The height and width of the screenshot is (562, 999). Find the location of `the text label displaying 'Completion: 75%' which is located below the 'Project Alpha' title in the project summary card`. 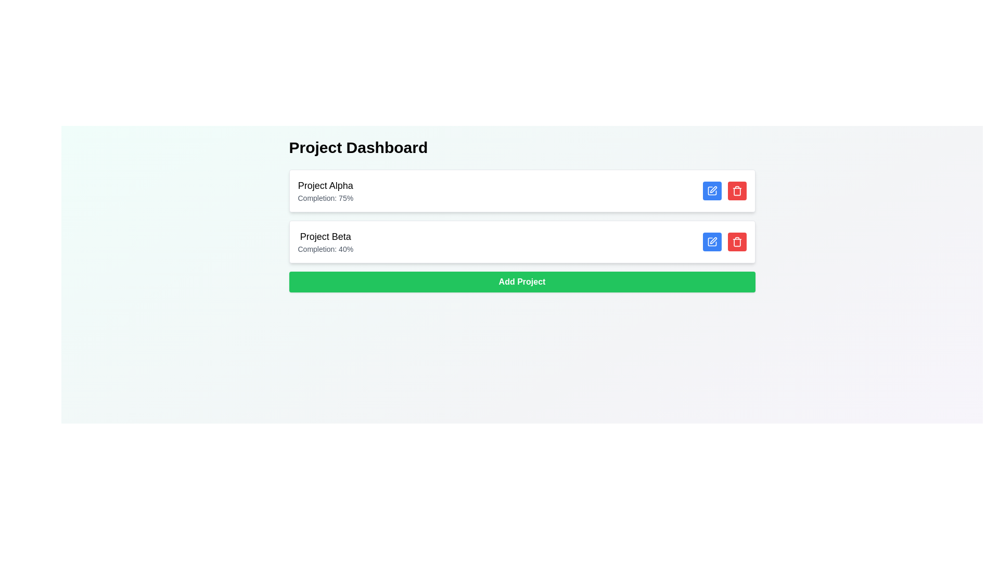

the text label displaying 'Completion: 75%' which is located below the 'Project Alpha' title in the project summary card is located at coordinates (325, 198).